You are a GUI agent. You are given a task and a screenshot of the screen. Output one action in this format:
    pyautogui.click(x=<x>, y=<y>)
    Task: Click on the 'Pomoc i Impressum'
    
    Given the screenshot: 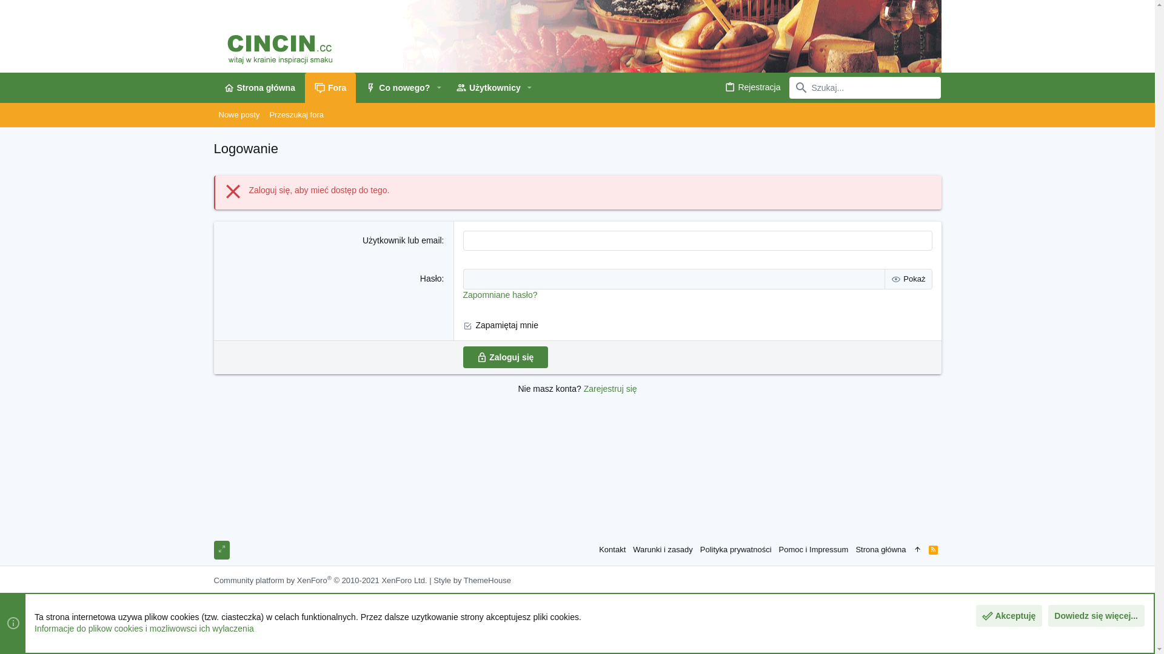 What is the action you would take?
    pyautogui.click(x=814, y=549)
    